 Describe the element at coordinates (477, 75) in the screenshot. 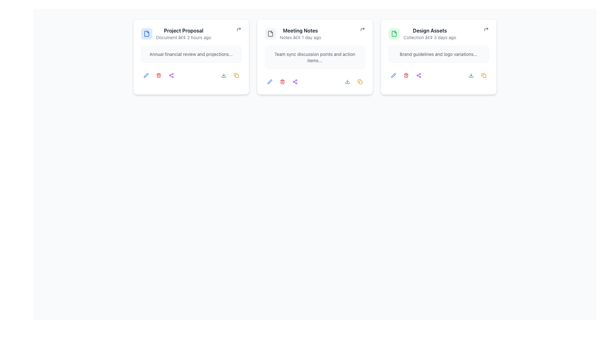

I see `the grouped action icons located in the bottom-right section of the 'Design Assets' card` at that location.